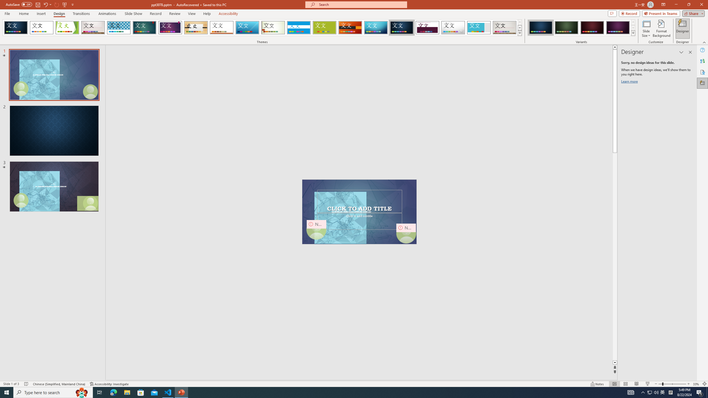 This screenshot has height=398, width=708. What do you see at coordinates (427, 27) in the screenshot?
I see `'Dividend'` at bounding box center [427, 27].